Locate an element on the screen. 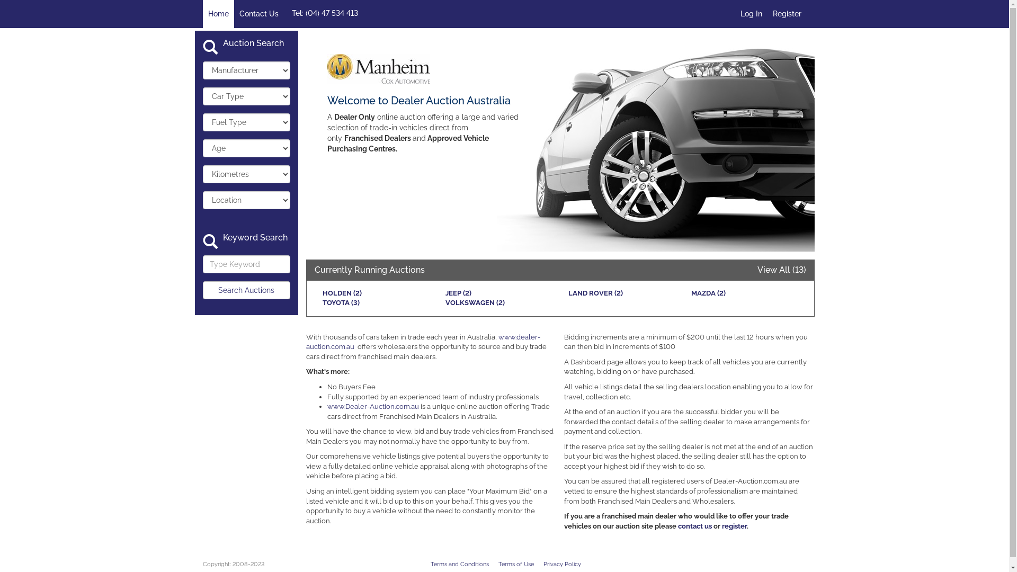 The height and width of the screenshot is (572, 1017). 'VOLKSWAGEN (2)' is located at coordinates (445, 302).